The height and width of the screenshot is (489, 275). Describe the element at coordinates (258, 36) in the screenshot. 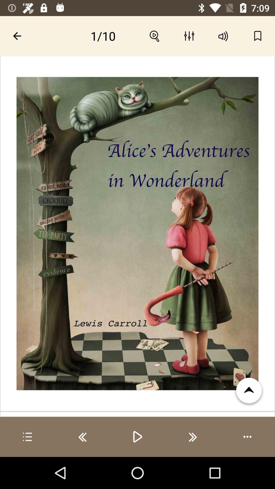

I see `bookmark the page` at that location.